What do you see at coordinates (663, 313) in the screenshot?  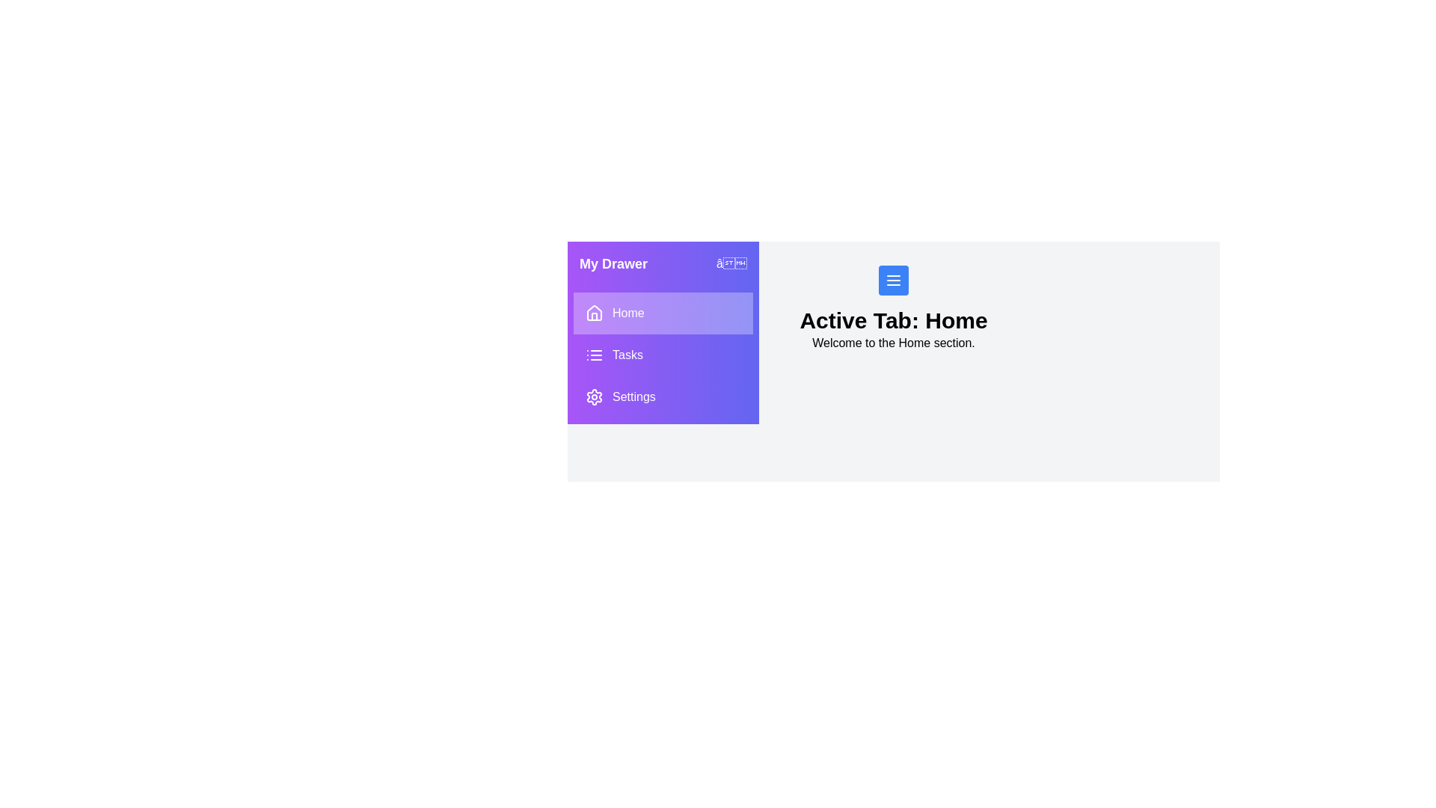 I see `the tab Home from the drawer menu` at bounding box center [663, 313].